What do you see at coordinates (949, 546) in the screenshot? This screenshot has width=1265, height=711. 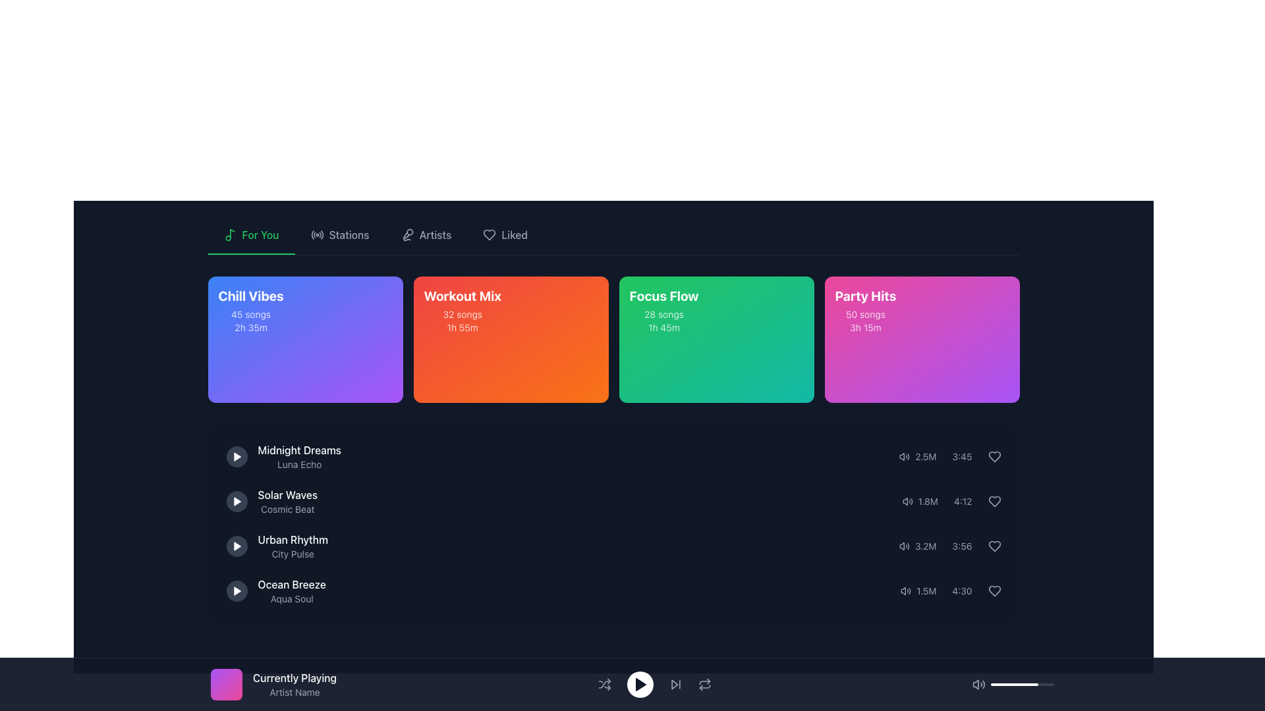 I see `the heart-shaped icon in the Metadata display row to like or unlike the audio item, which is the third item in the list of statistics and metadata for audio items` at bounding box center [949, 546].